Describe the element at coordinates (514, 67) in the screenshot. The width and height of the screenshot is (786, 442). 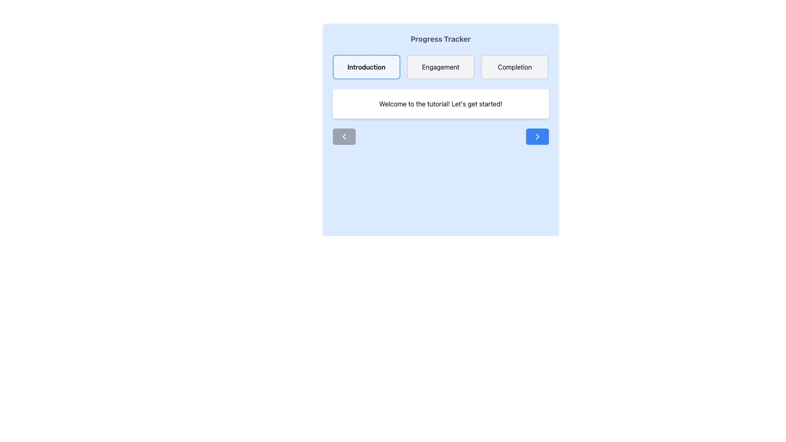
I see `the rightmost tab in the 'Progress Tracker' dialog box` at that location.